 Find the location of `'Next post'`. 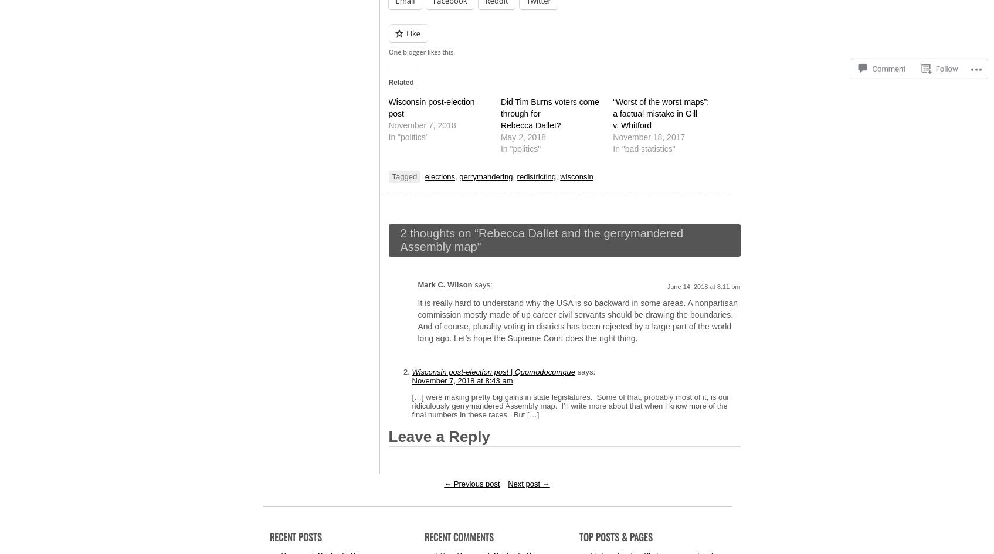

'Next post' is located at coordinates (524, 483).